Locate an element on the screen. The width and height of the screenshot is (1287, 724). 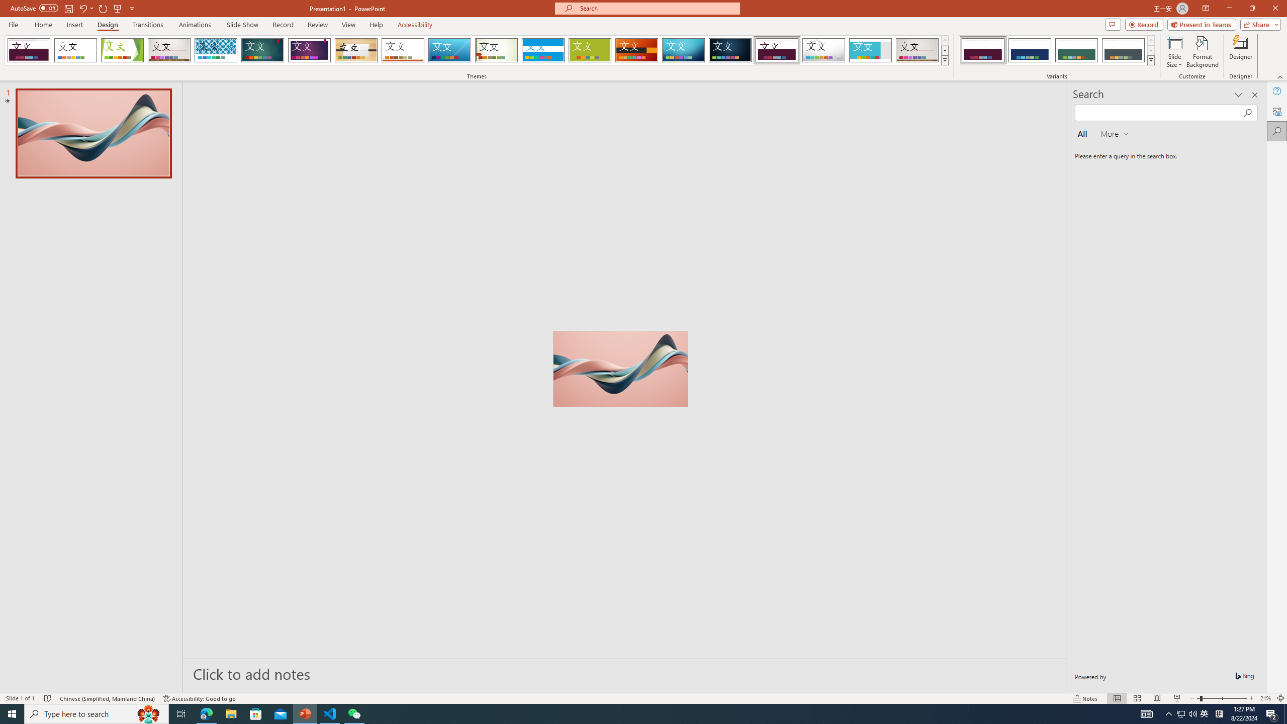
'Ion Boardroom' is located at coordinates (309, 50).